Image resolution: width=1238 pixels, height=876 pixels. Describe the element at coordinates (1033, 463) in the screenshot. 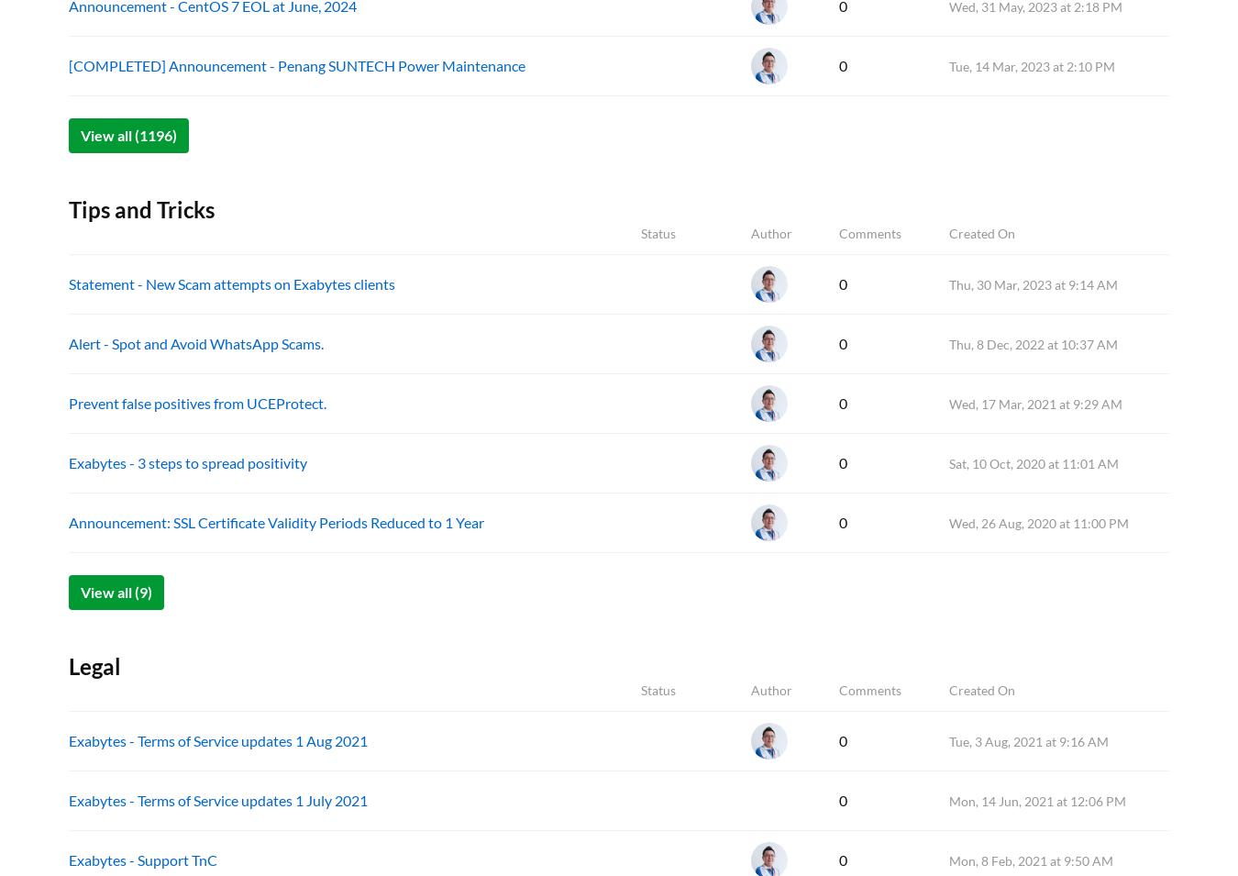

I see `'Sat, 10 Oct, 2020 at 11:01 AM'` at that location.